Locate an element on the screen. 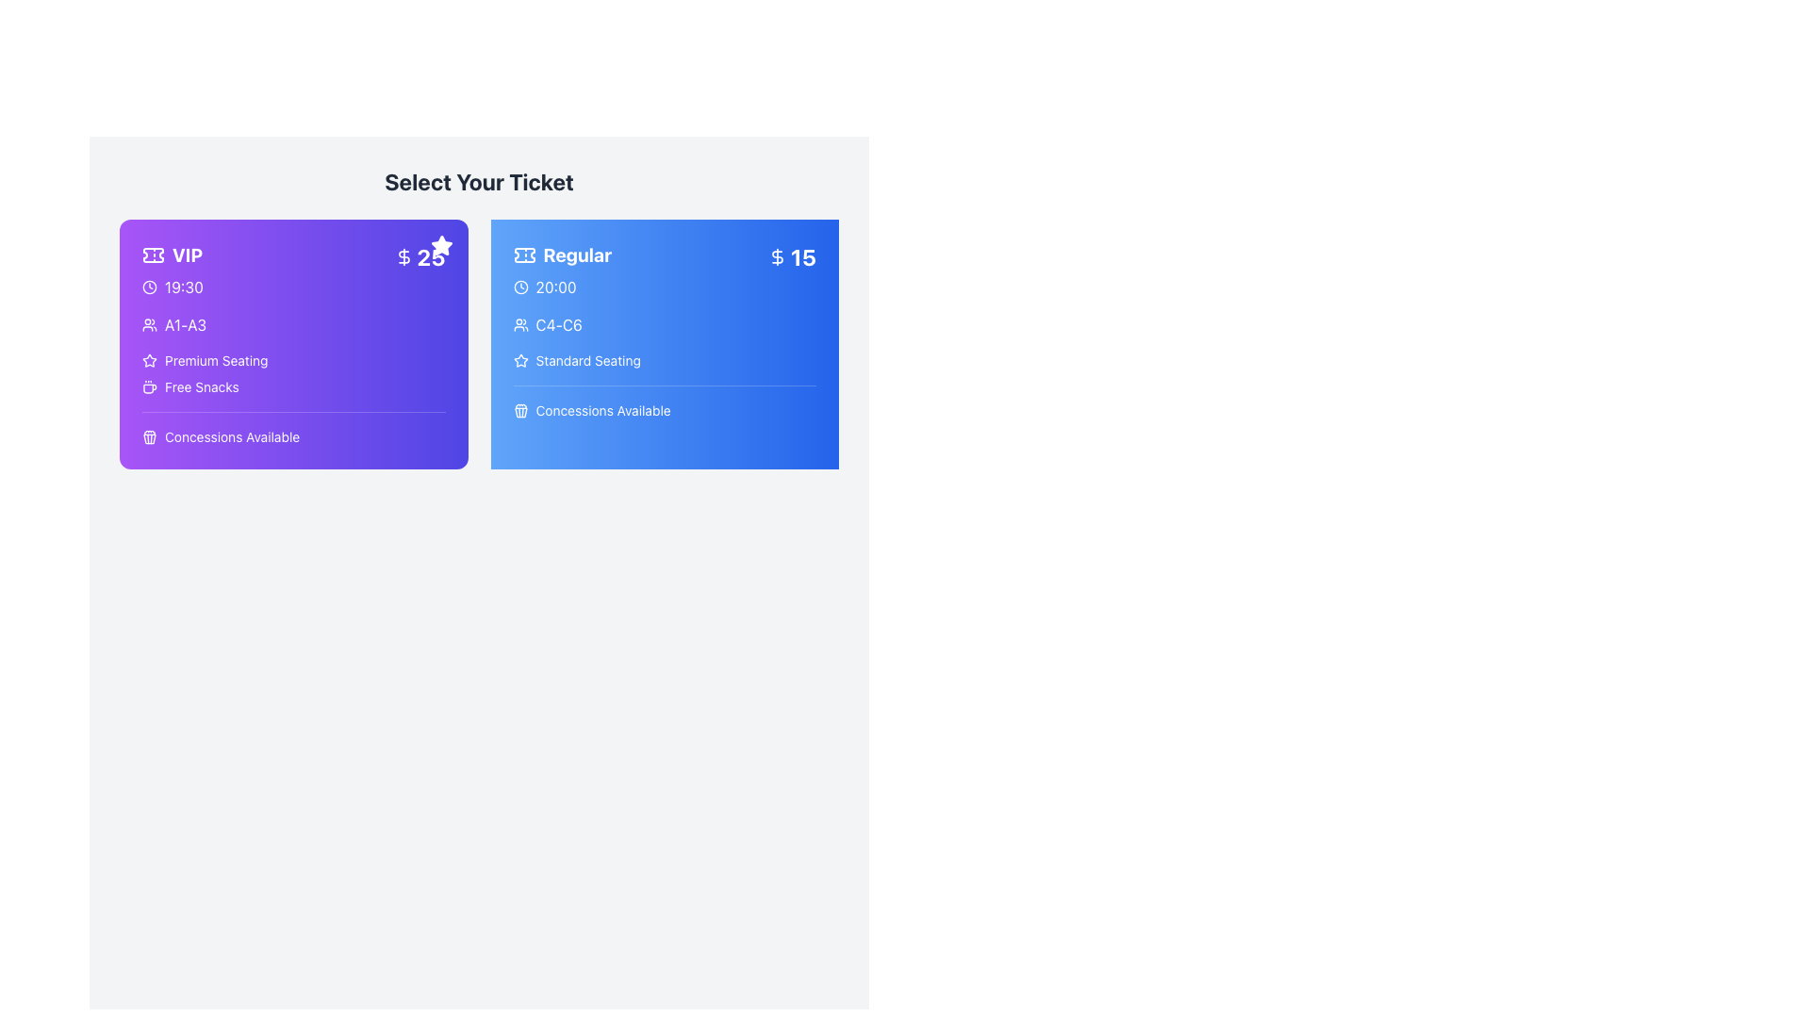 The image size is (1810, 1018). the price label displaying '$25' in bold white text against a purple background, located in the top-right corner of the 'VIP' ticket card is located at coordinates (419, 257).